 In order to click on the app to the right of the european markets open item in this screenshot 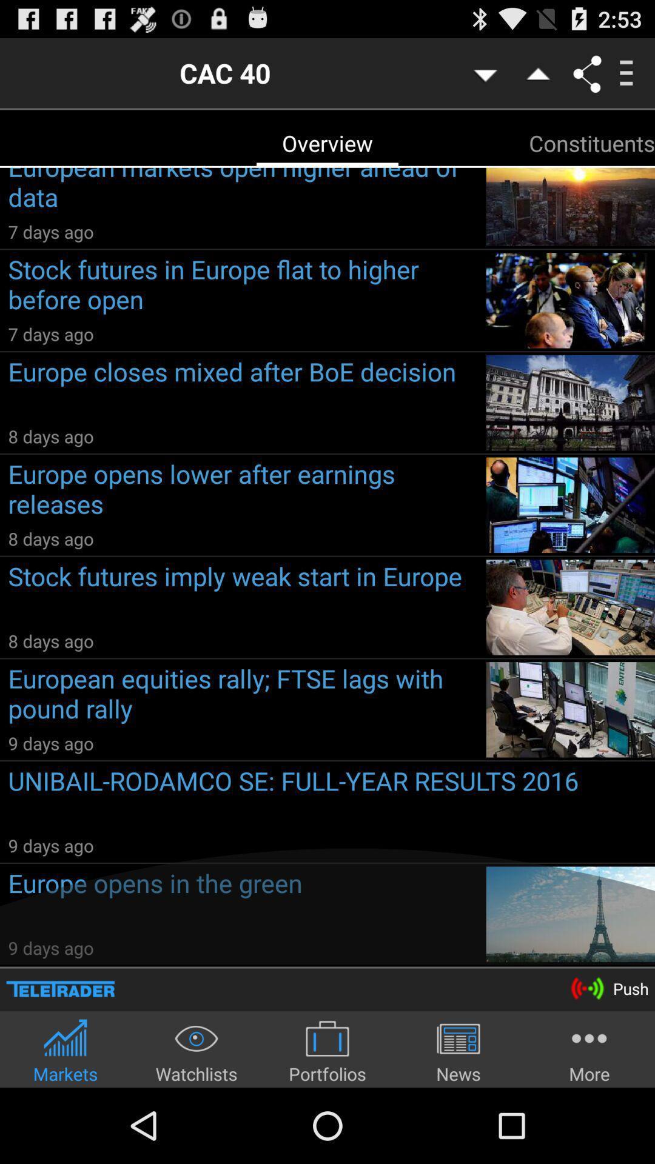, I will do `click(591, 143)`.